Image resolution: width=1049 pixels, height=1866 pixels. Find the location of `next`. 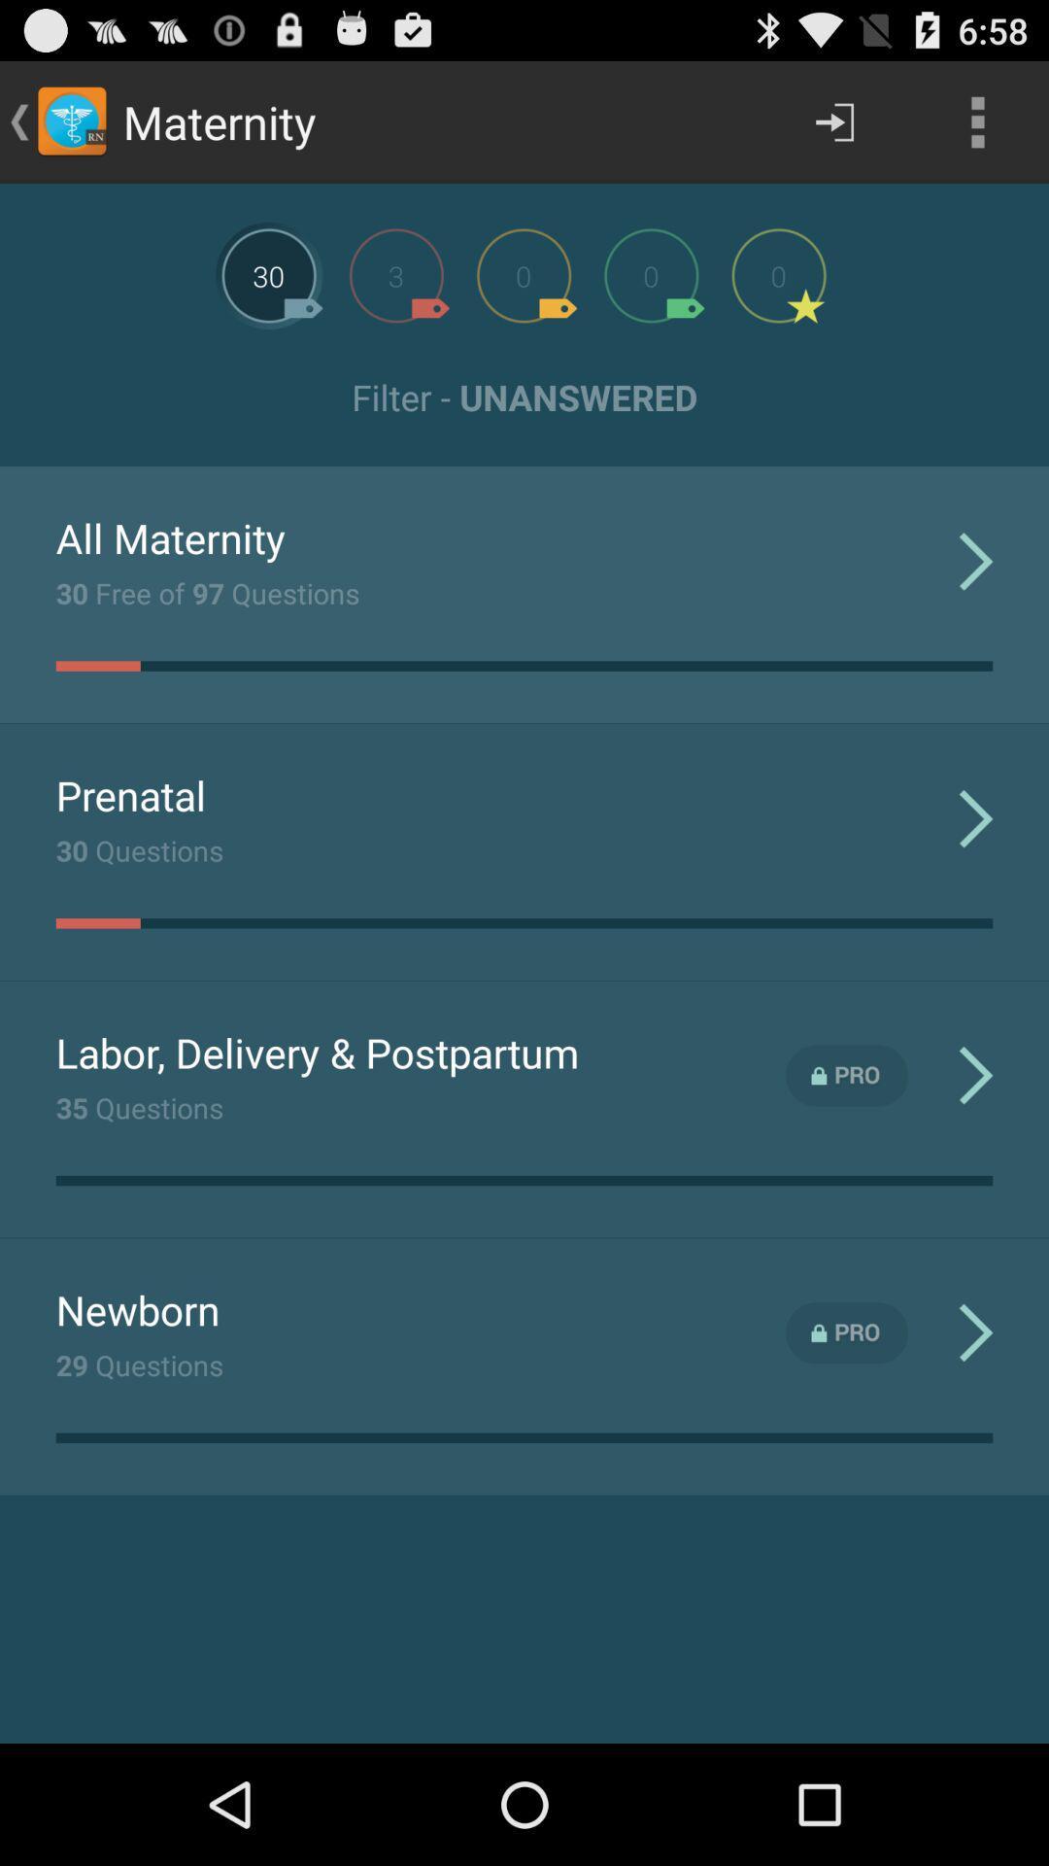

next is located at coordinates (523, 274).